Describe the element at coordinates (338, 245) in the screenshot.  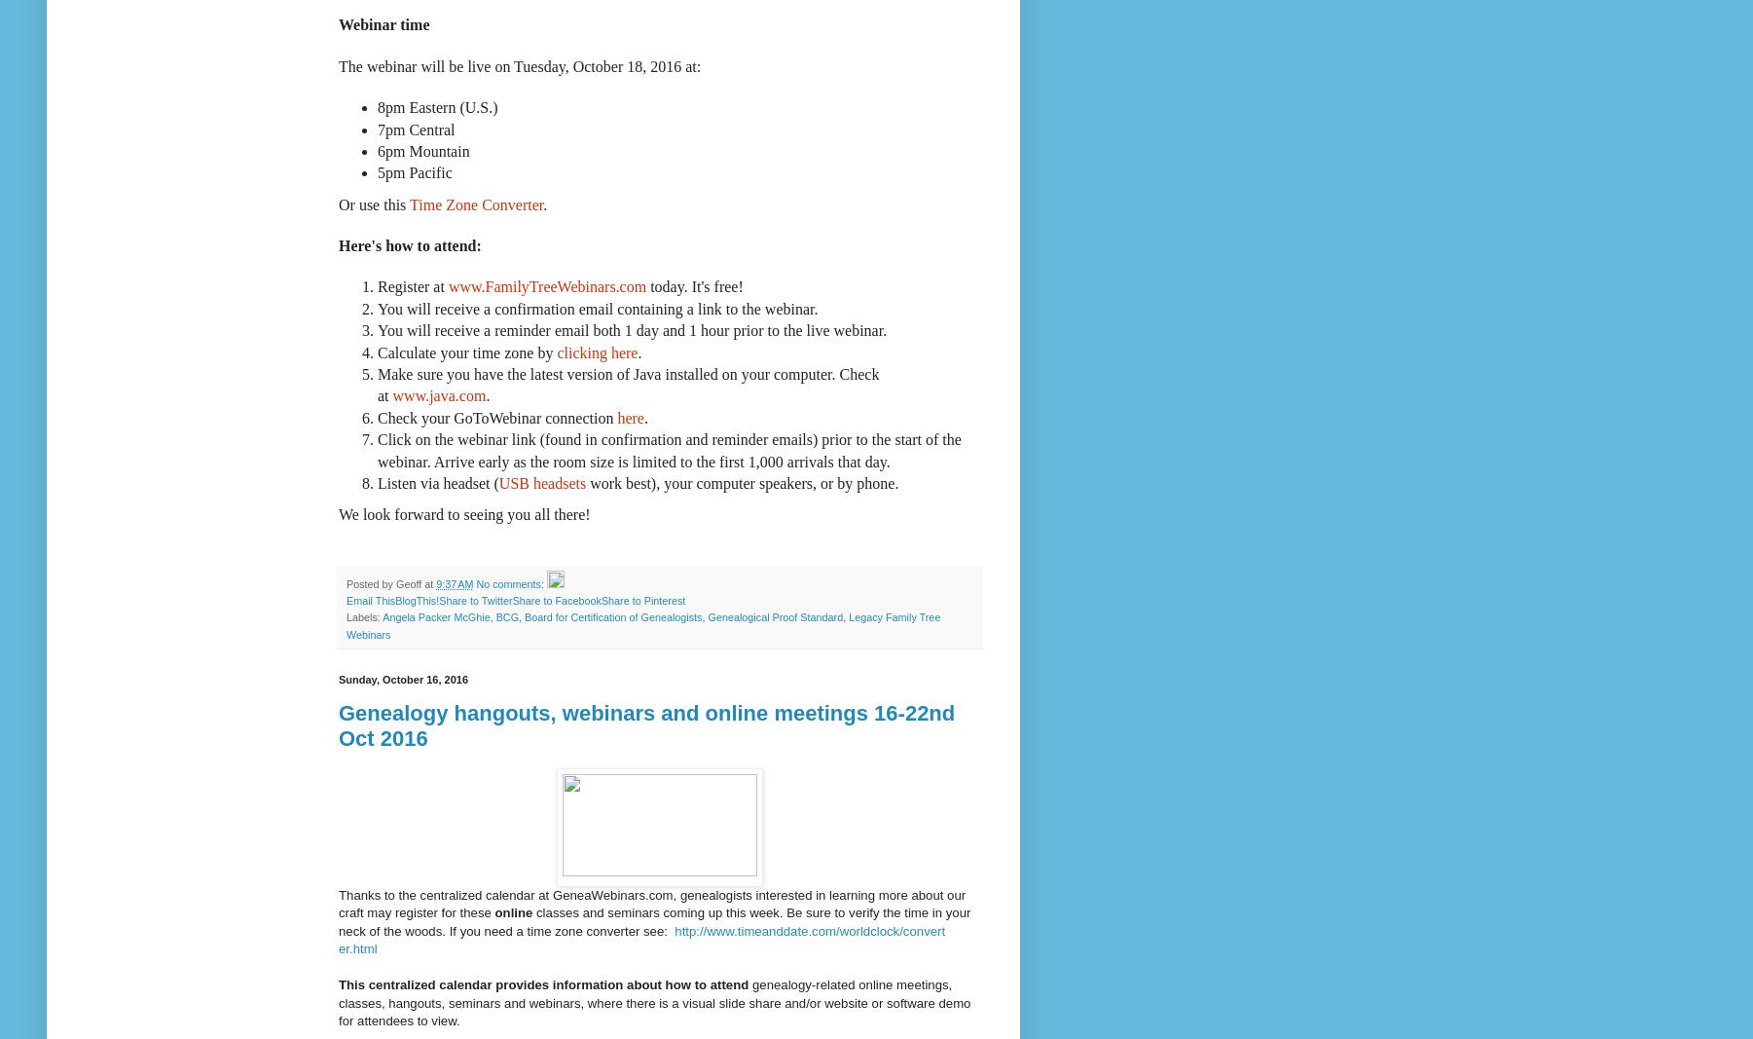
I see `'Here's how to attend:'` at that location.